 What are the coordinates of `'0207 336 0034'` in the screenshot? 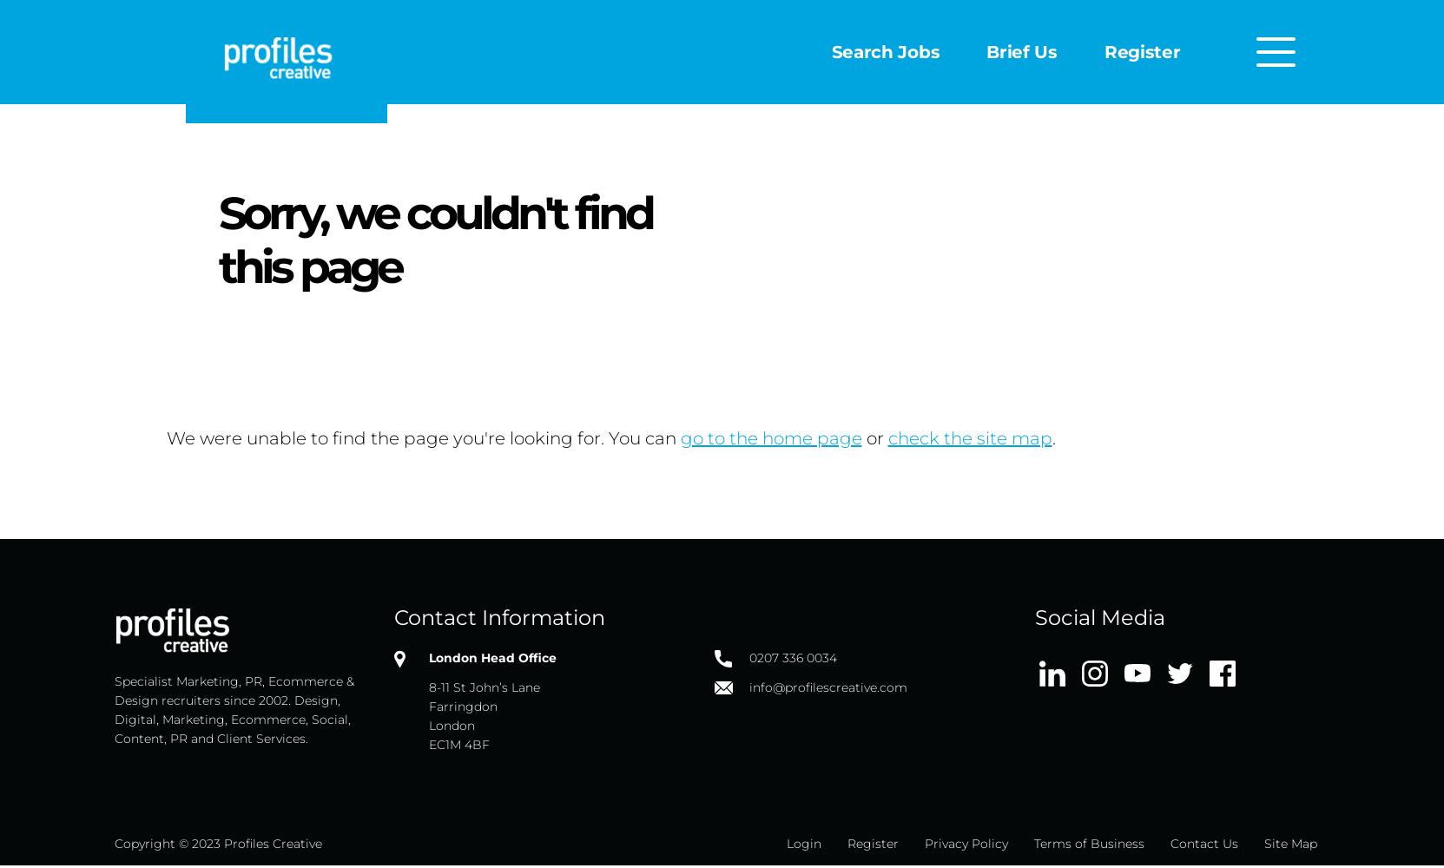 It's located at (748, 658).